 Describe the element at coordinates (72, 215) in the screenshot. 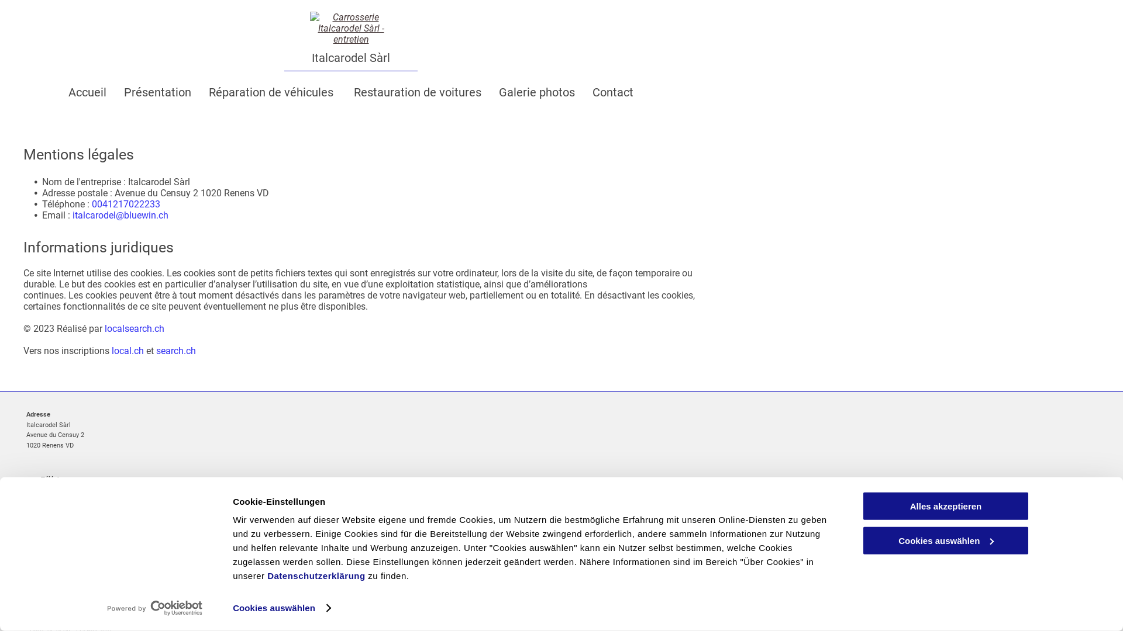

I see `'italcarodel@bluewin.ch'` at that location.